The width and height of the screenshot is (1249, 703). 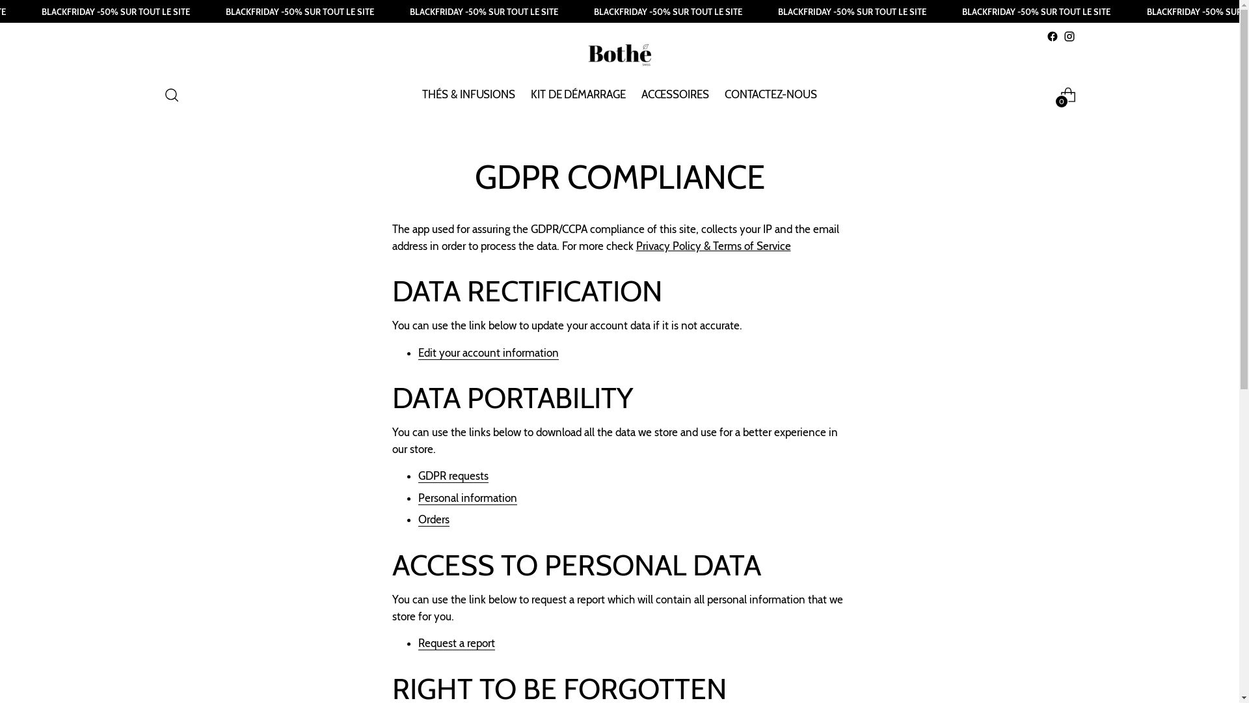 I want to click on 'Personal information', so click(x=467, y=498).